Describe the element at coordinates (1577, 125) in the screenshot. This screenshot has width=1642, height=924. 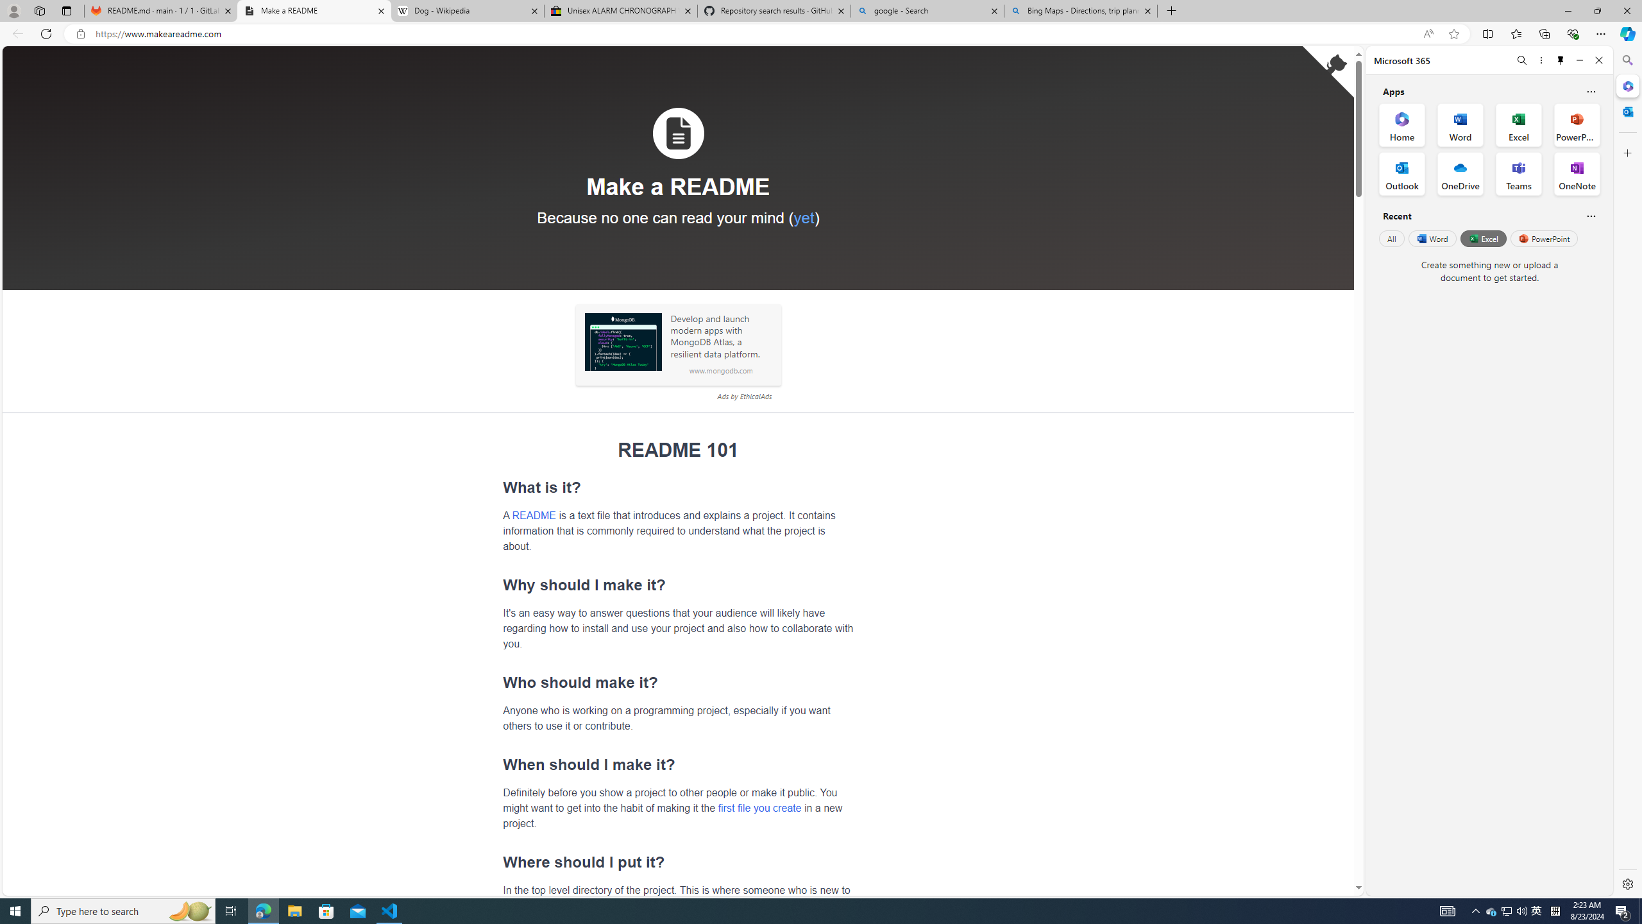
I see `'PowerPoint Office App'` at that location.